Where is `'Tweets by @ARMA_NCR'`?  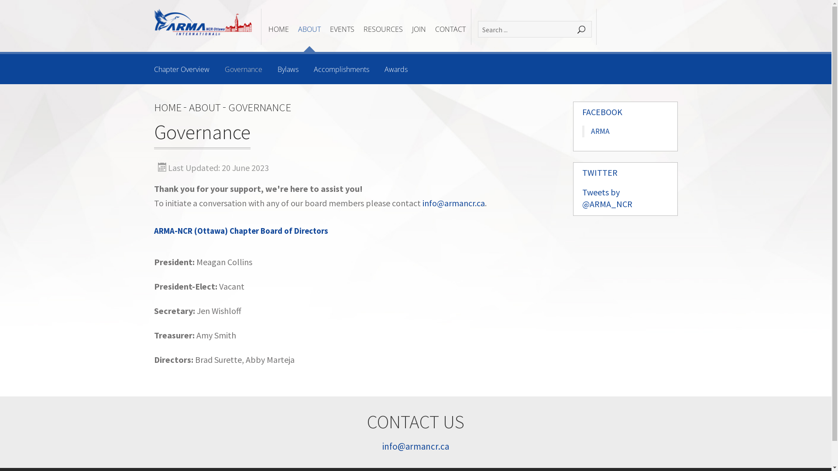 'Tweets by @ARMA_NCR' is located at coordinates (607, 198).